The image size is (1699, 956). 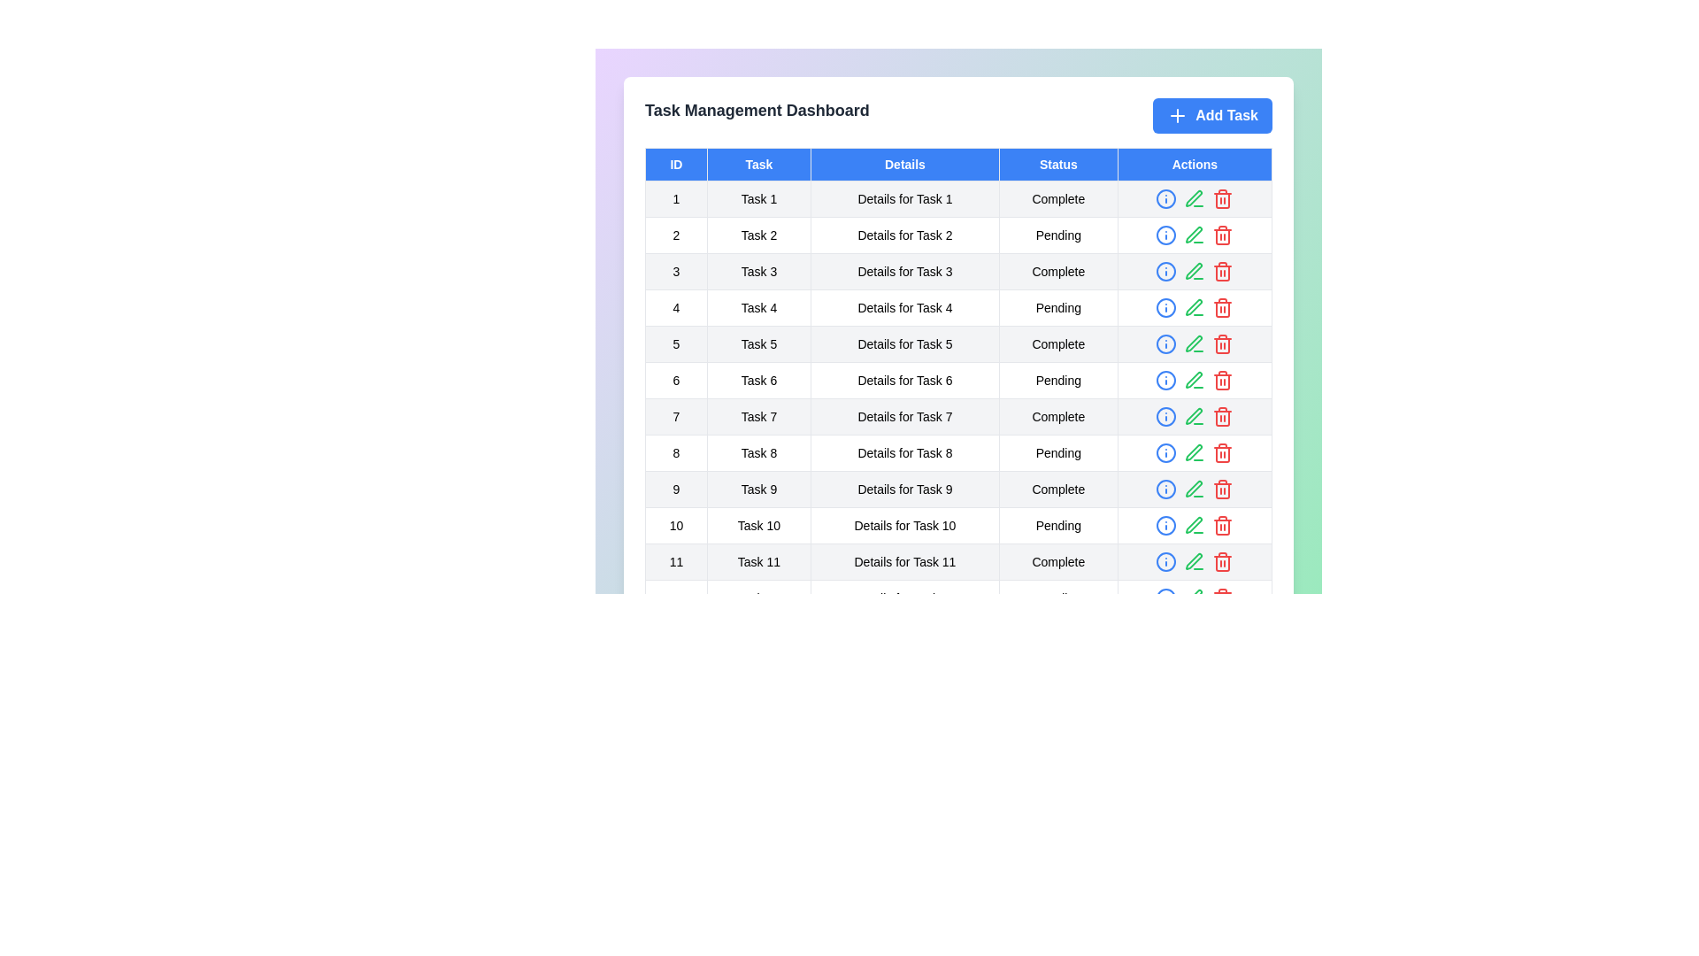 I want to click on the column header to sort tasks by Status, so click(x=1058, y=164).